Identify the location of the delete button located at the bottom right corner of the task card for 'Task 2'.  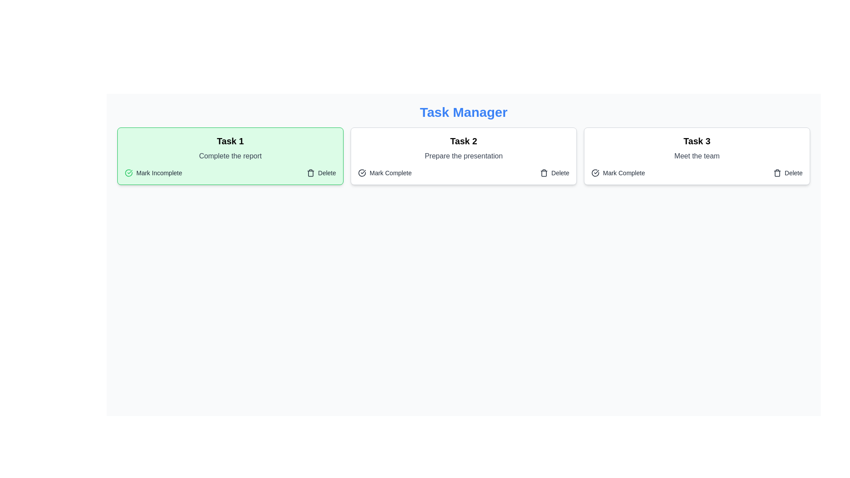
(554, 173).